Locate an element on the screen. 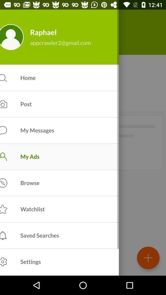 The height and width of the screenshot is (295, 166). the add icon is located at coordinates (148, 258).